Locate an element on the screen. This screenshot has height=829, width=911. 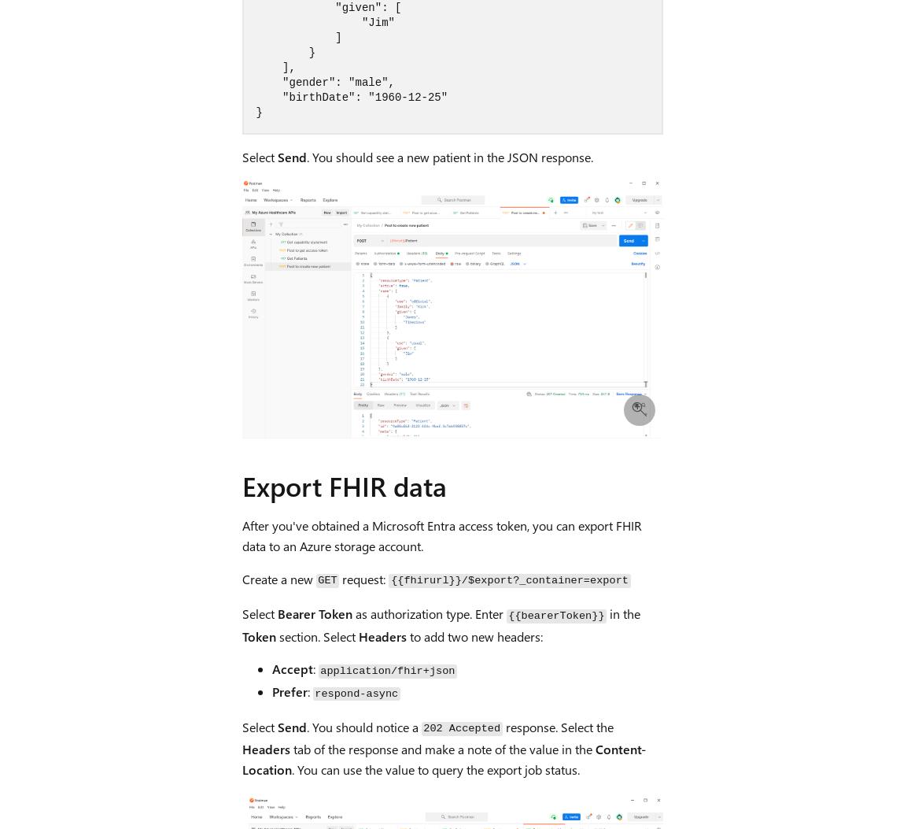
'. You should see a new patient in the JSON response.' is located at coordinates (304, 156).